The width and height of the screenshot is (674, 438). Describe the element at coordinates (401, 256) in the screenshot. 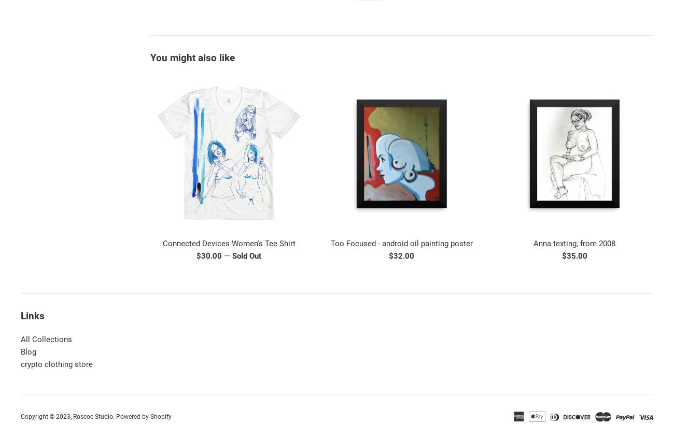

I see `'$32.00'` at that location.